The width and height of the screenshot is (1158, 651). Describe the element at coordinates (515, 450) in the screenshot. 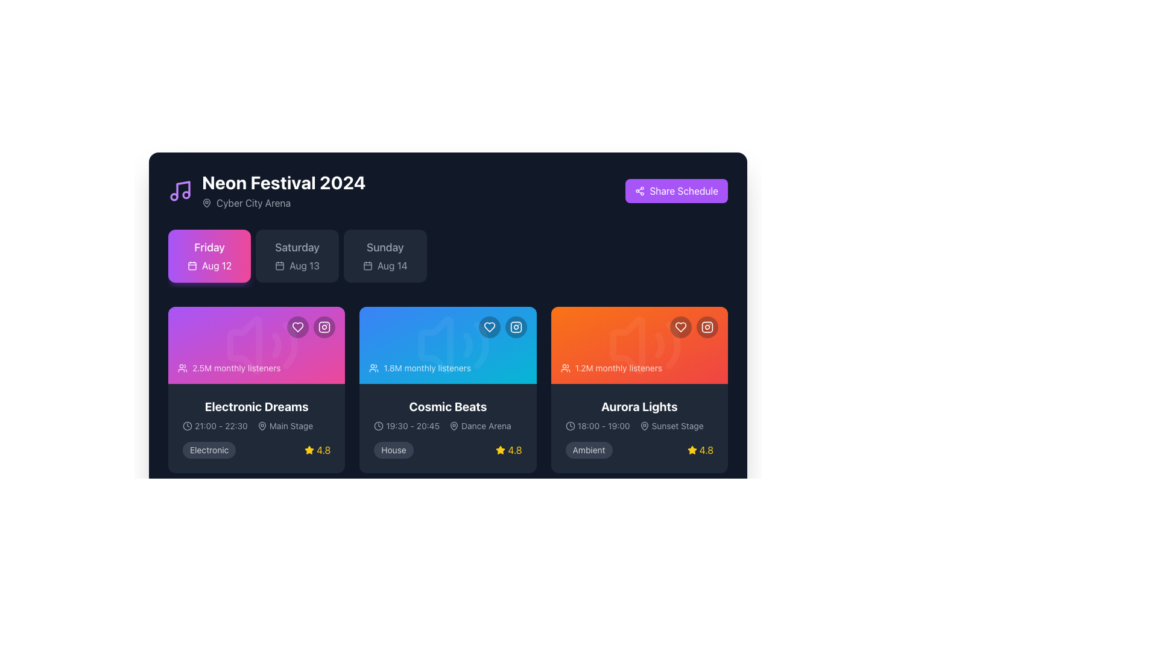

I see `the text label displaying the rating score '4.8' in bright yellow color, located near the star icon on the blue card labeled 'Cosmic Beats'` at that location.